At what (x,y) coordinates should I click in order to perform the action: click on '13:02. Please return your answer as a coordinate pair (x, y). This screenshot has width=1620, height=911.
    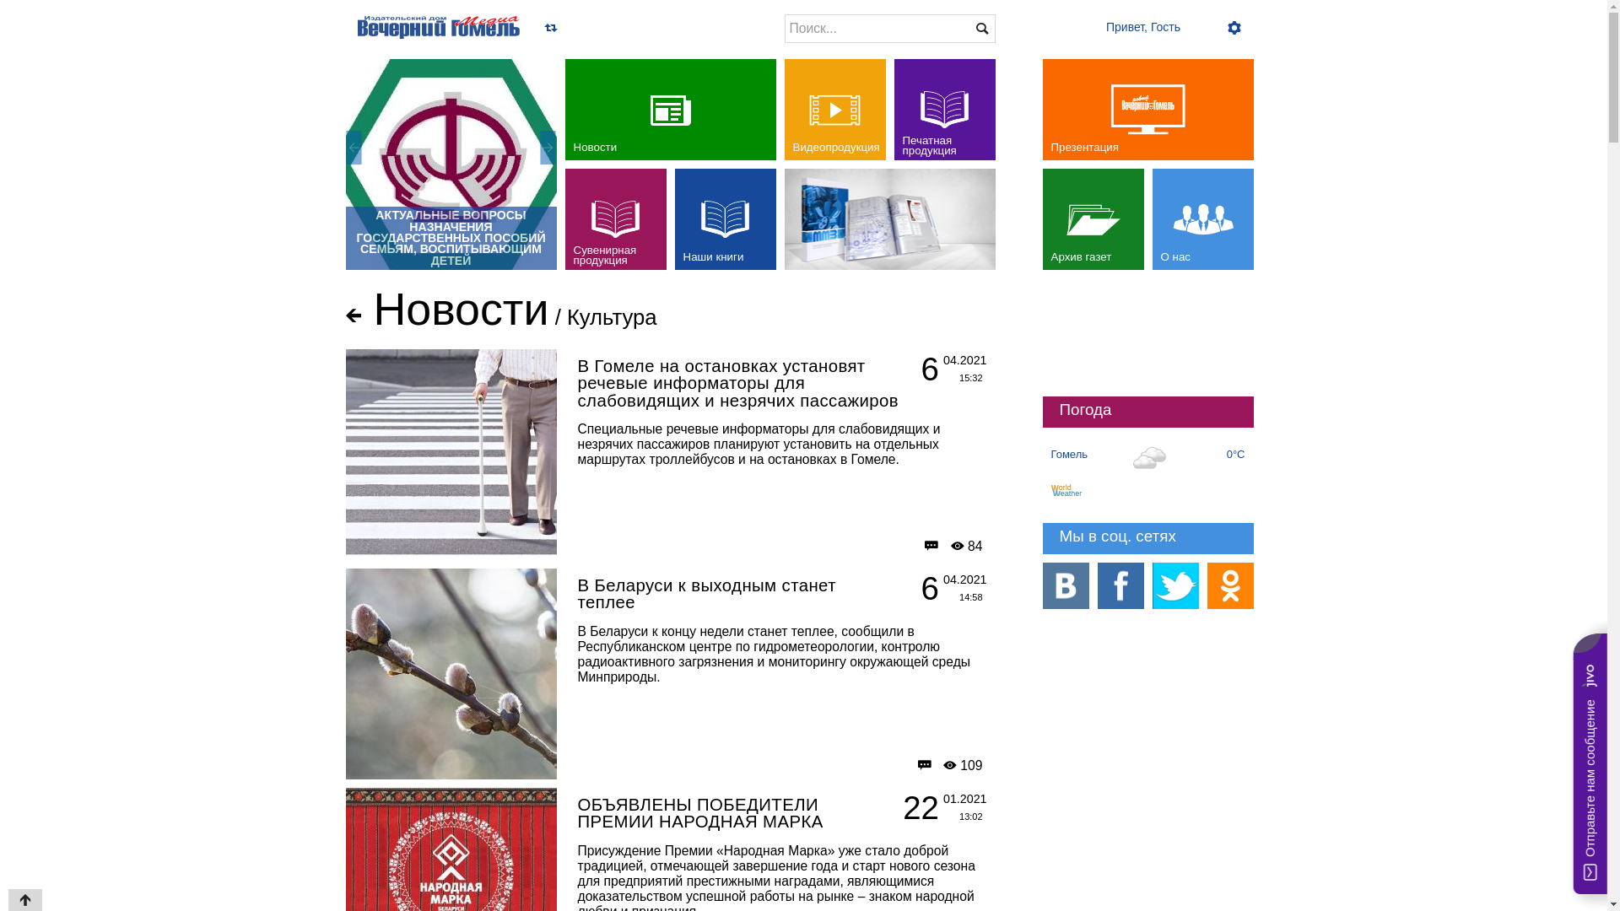
    Looking at the image, I should click on (935, 808).